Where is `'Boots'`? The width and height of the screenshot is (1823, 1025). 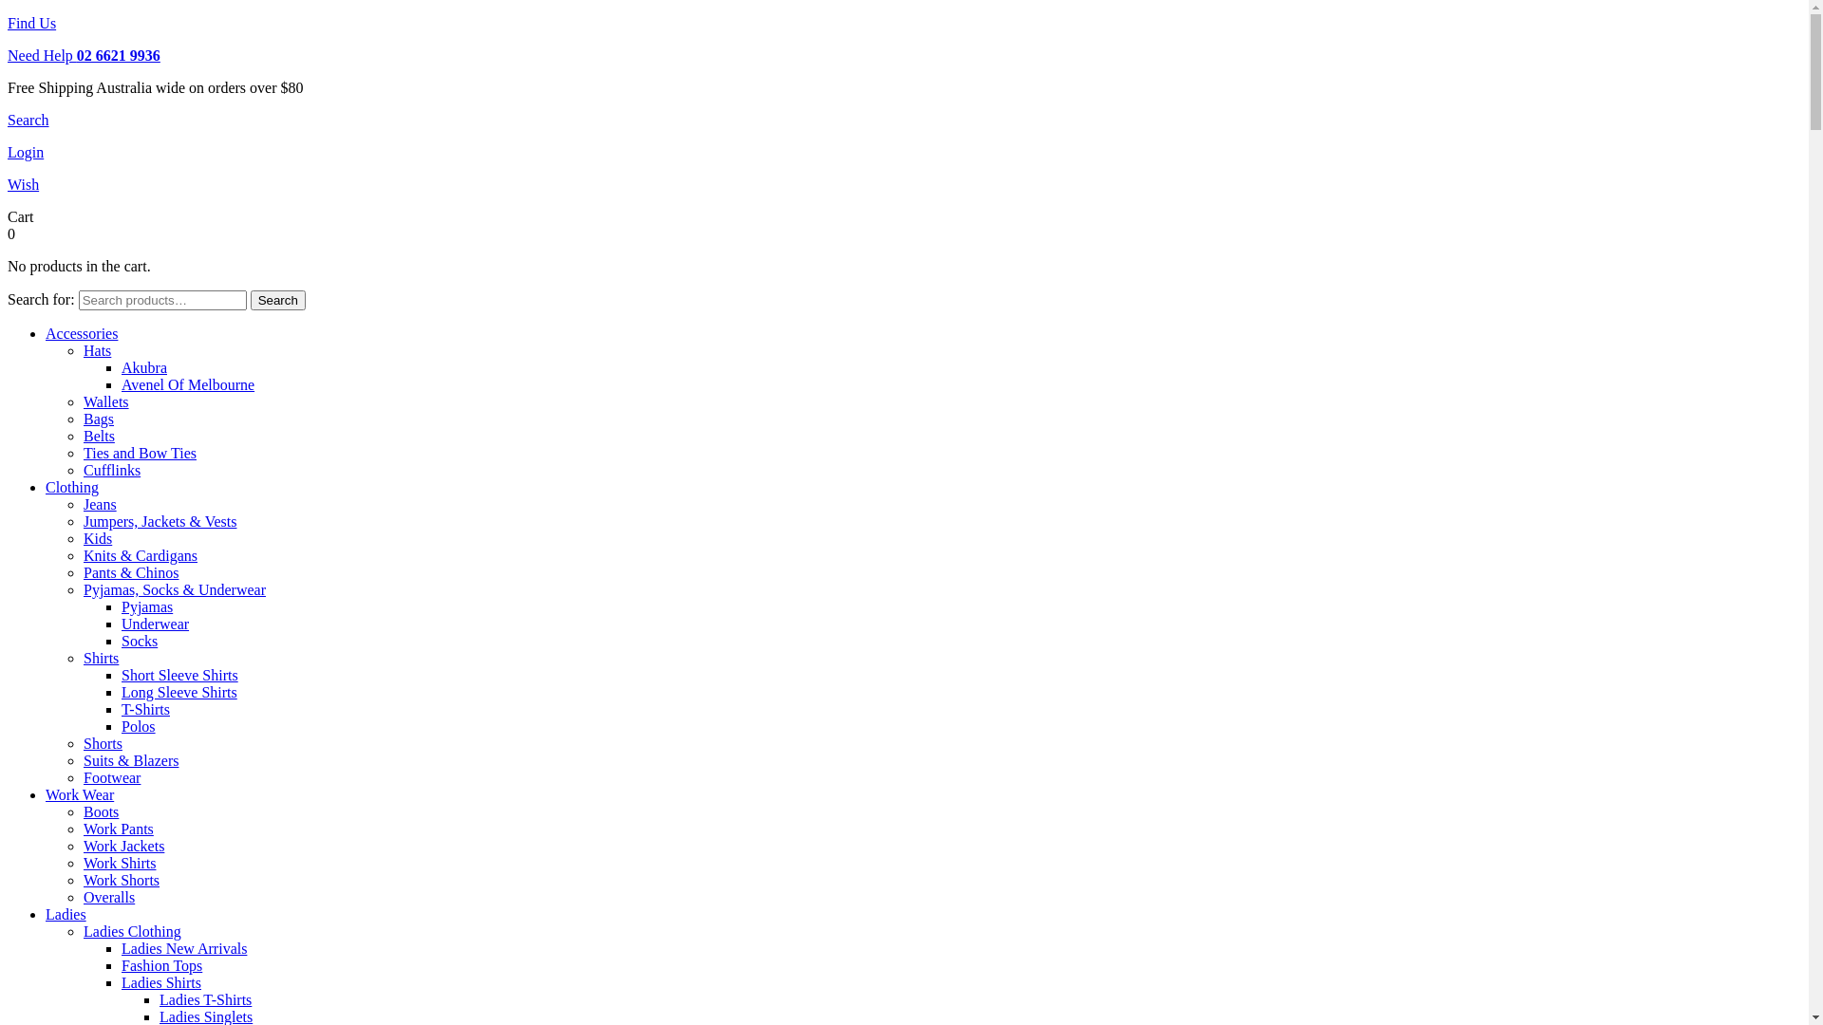 'Boots' is located at coordinates (100, 811).